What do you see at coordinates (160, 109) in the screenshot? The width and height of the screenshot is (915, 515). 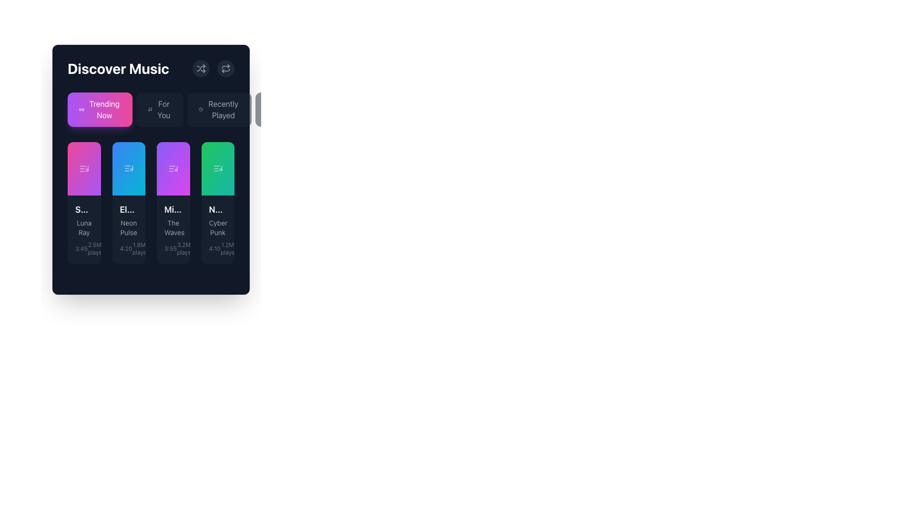 I see `the rectangular button with a dark gray background and the text 'For You'` at bounding box center [160, 109].